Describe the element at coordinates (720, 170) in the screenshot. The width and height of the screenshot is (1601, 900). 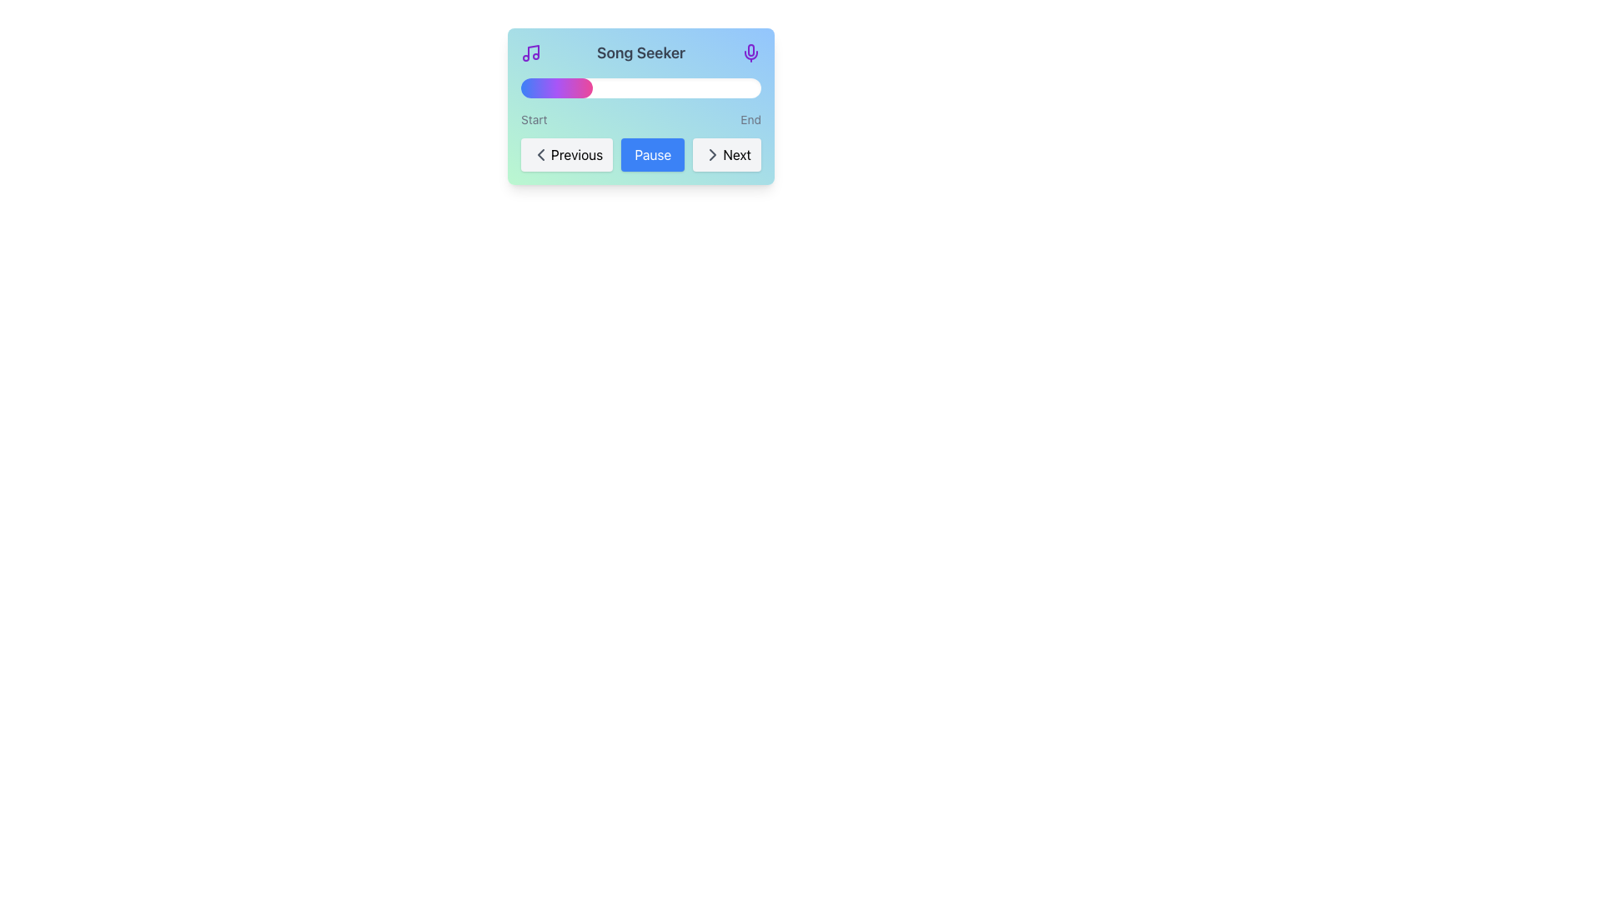
I see `the 'Next' button located at the bottom right of the widget interface` at that location.